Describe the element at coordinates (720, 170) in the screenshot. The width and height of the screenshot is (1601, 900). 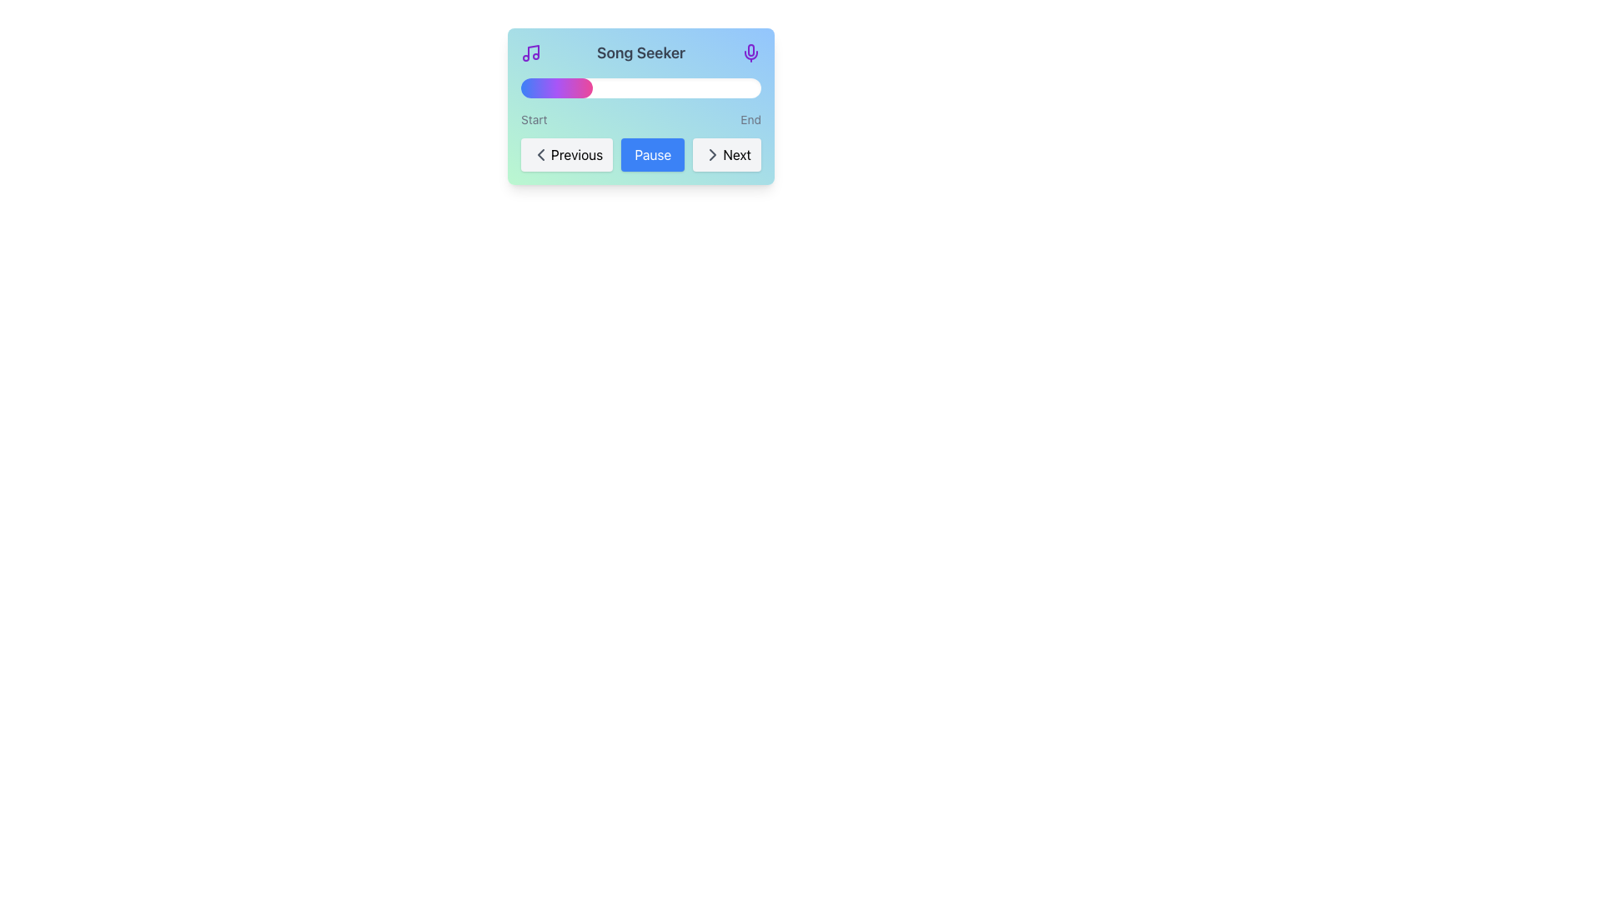
I see `the 'Next' button located at the bottom right of the widget interface` at that location.